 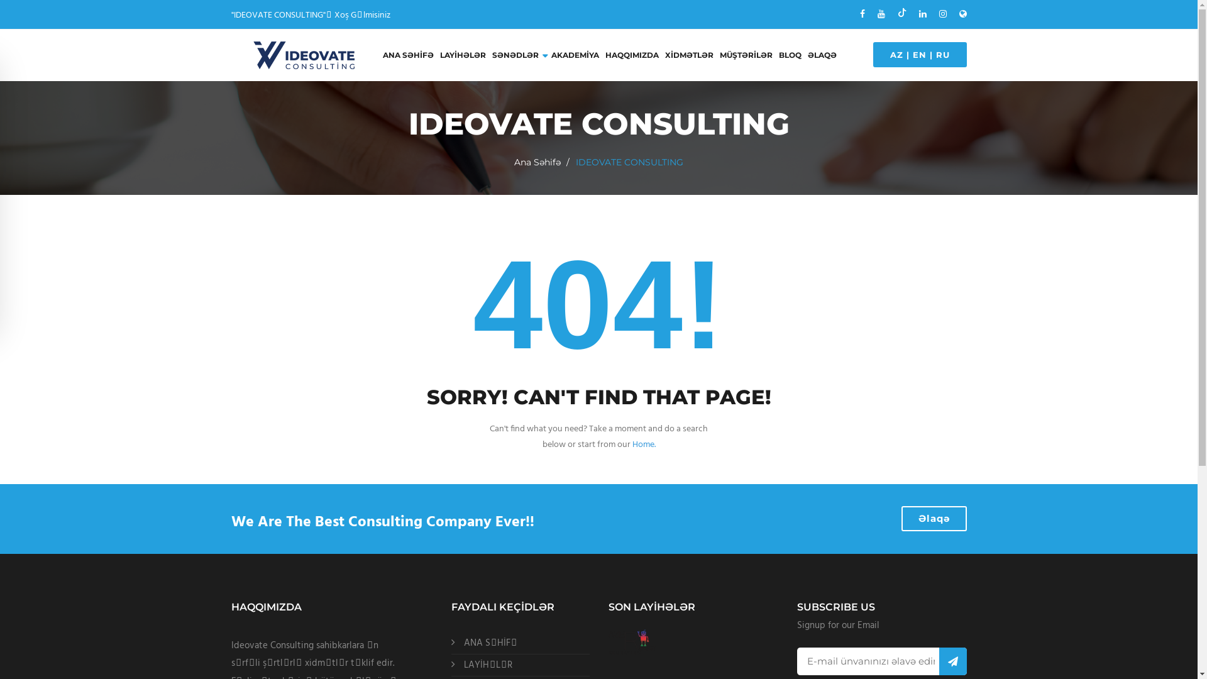 What do you see at coordinates (942, 14) in the screenshot?
I see `'instagram'` at bounding box center [942, 14].